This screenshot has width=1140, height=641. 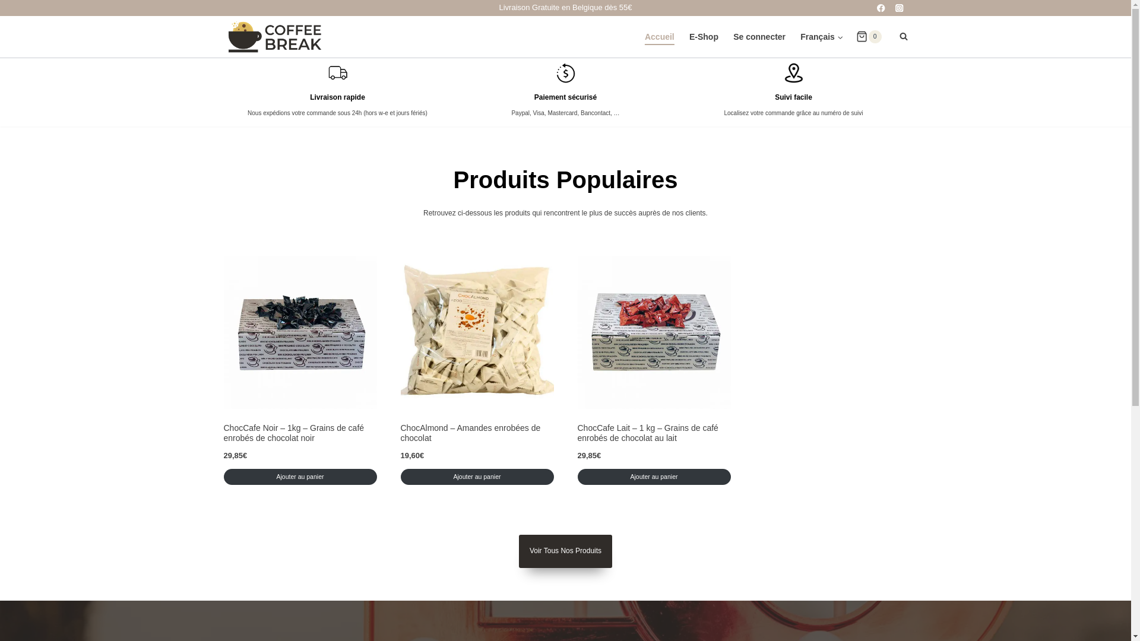 What do you see at coordinates (299, 476) in the screenshot?
I see `'Ajouter au panier'` at bounding box center [299, 476].